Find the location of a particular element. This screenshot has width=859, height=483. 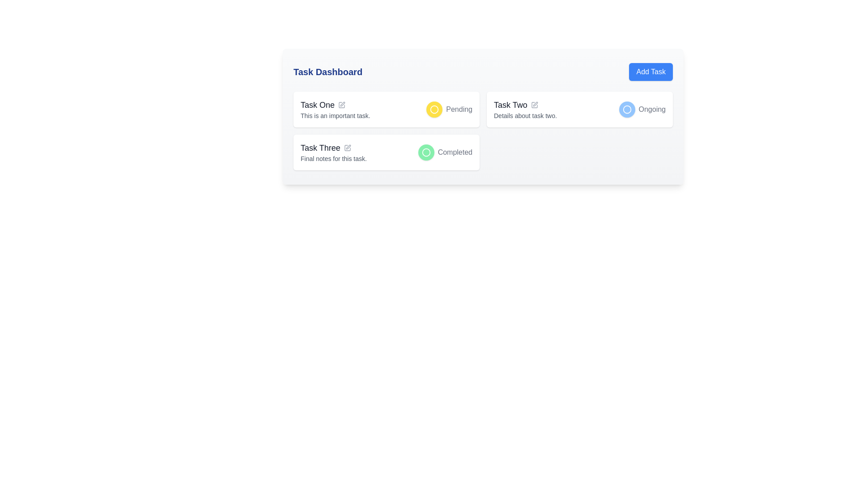

the circular icon with a yellow background and white circular stroke, located in the 'Task One' status section next to the 'Pending' label is located at coordinates (434, 109).